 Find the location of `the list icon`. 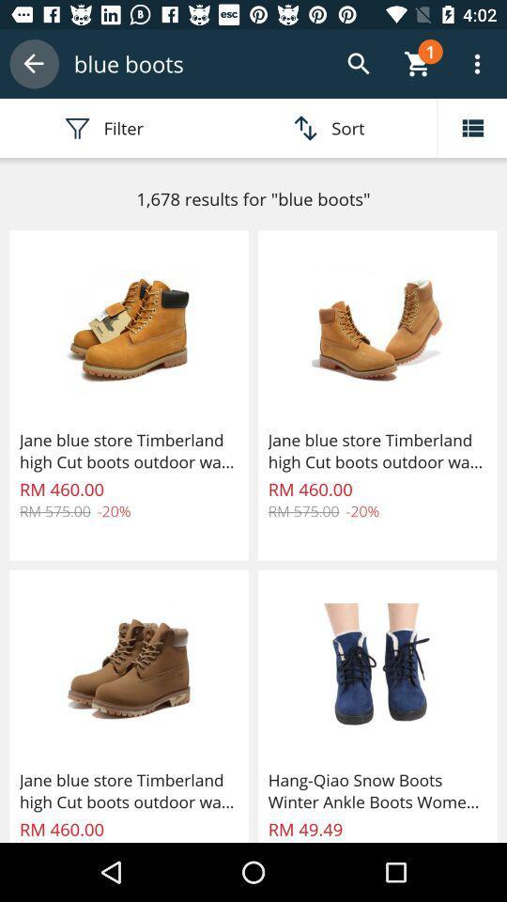

the list icon is located at coordinates (471, 127).